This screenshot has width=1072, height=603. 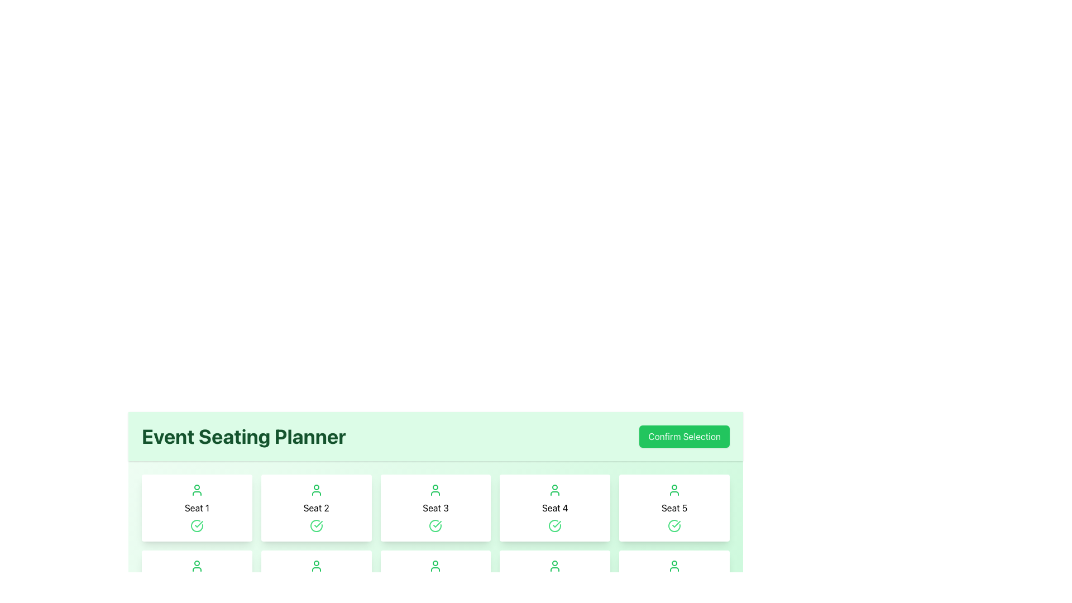 What do you see at coordinates (315, 508) in the screenshot?
I see `the seating option indicator labeled 'Seat 2', which is the second card in the grid layout for seating options` at bounding box center [315, 508].